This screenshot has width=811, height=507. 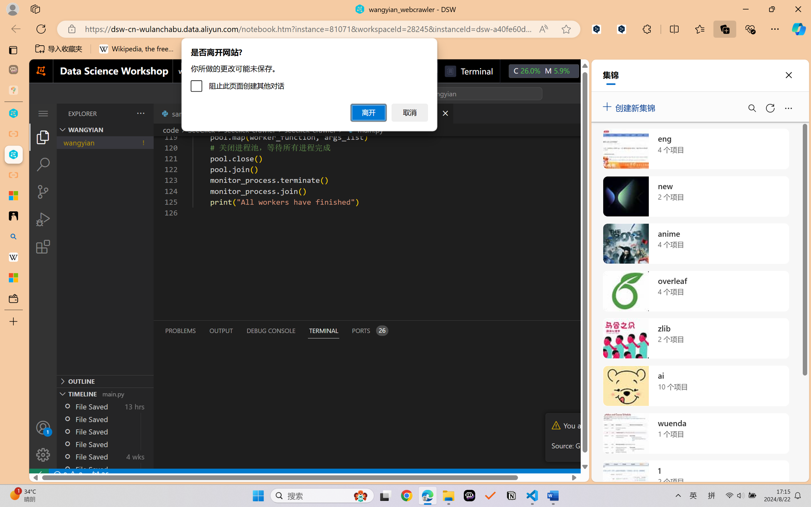 What do you see at coordinates (140, 113) in the screenshot?
I see `'Views and More Actions...'` at bounding box center [140, 113].